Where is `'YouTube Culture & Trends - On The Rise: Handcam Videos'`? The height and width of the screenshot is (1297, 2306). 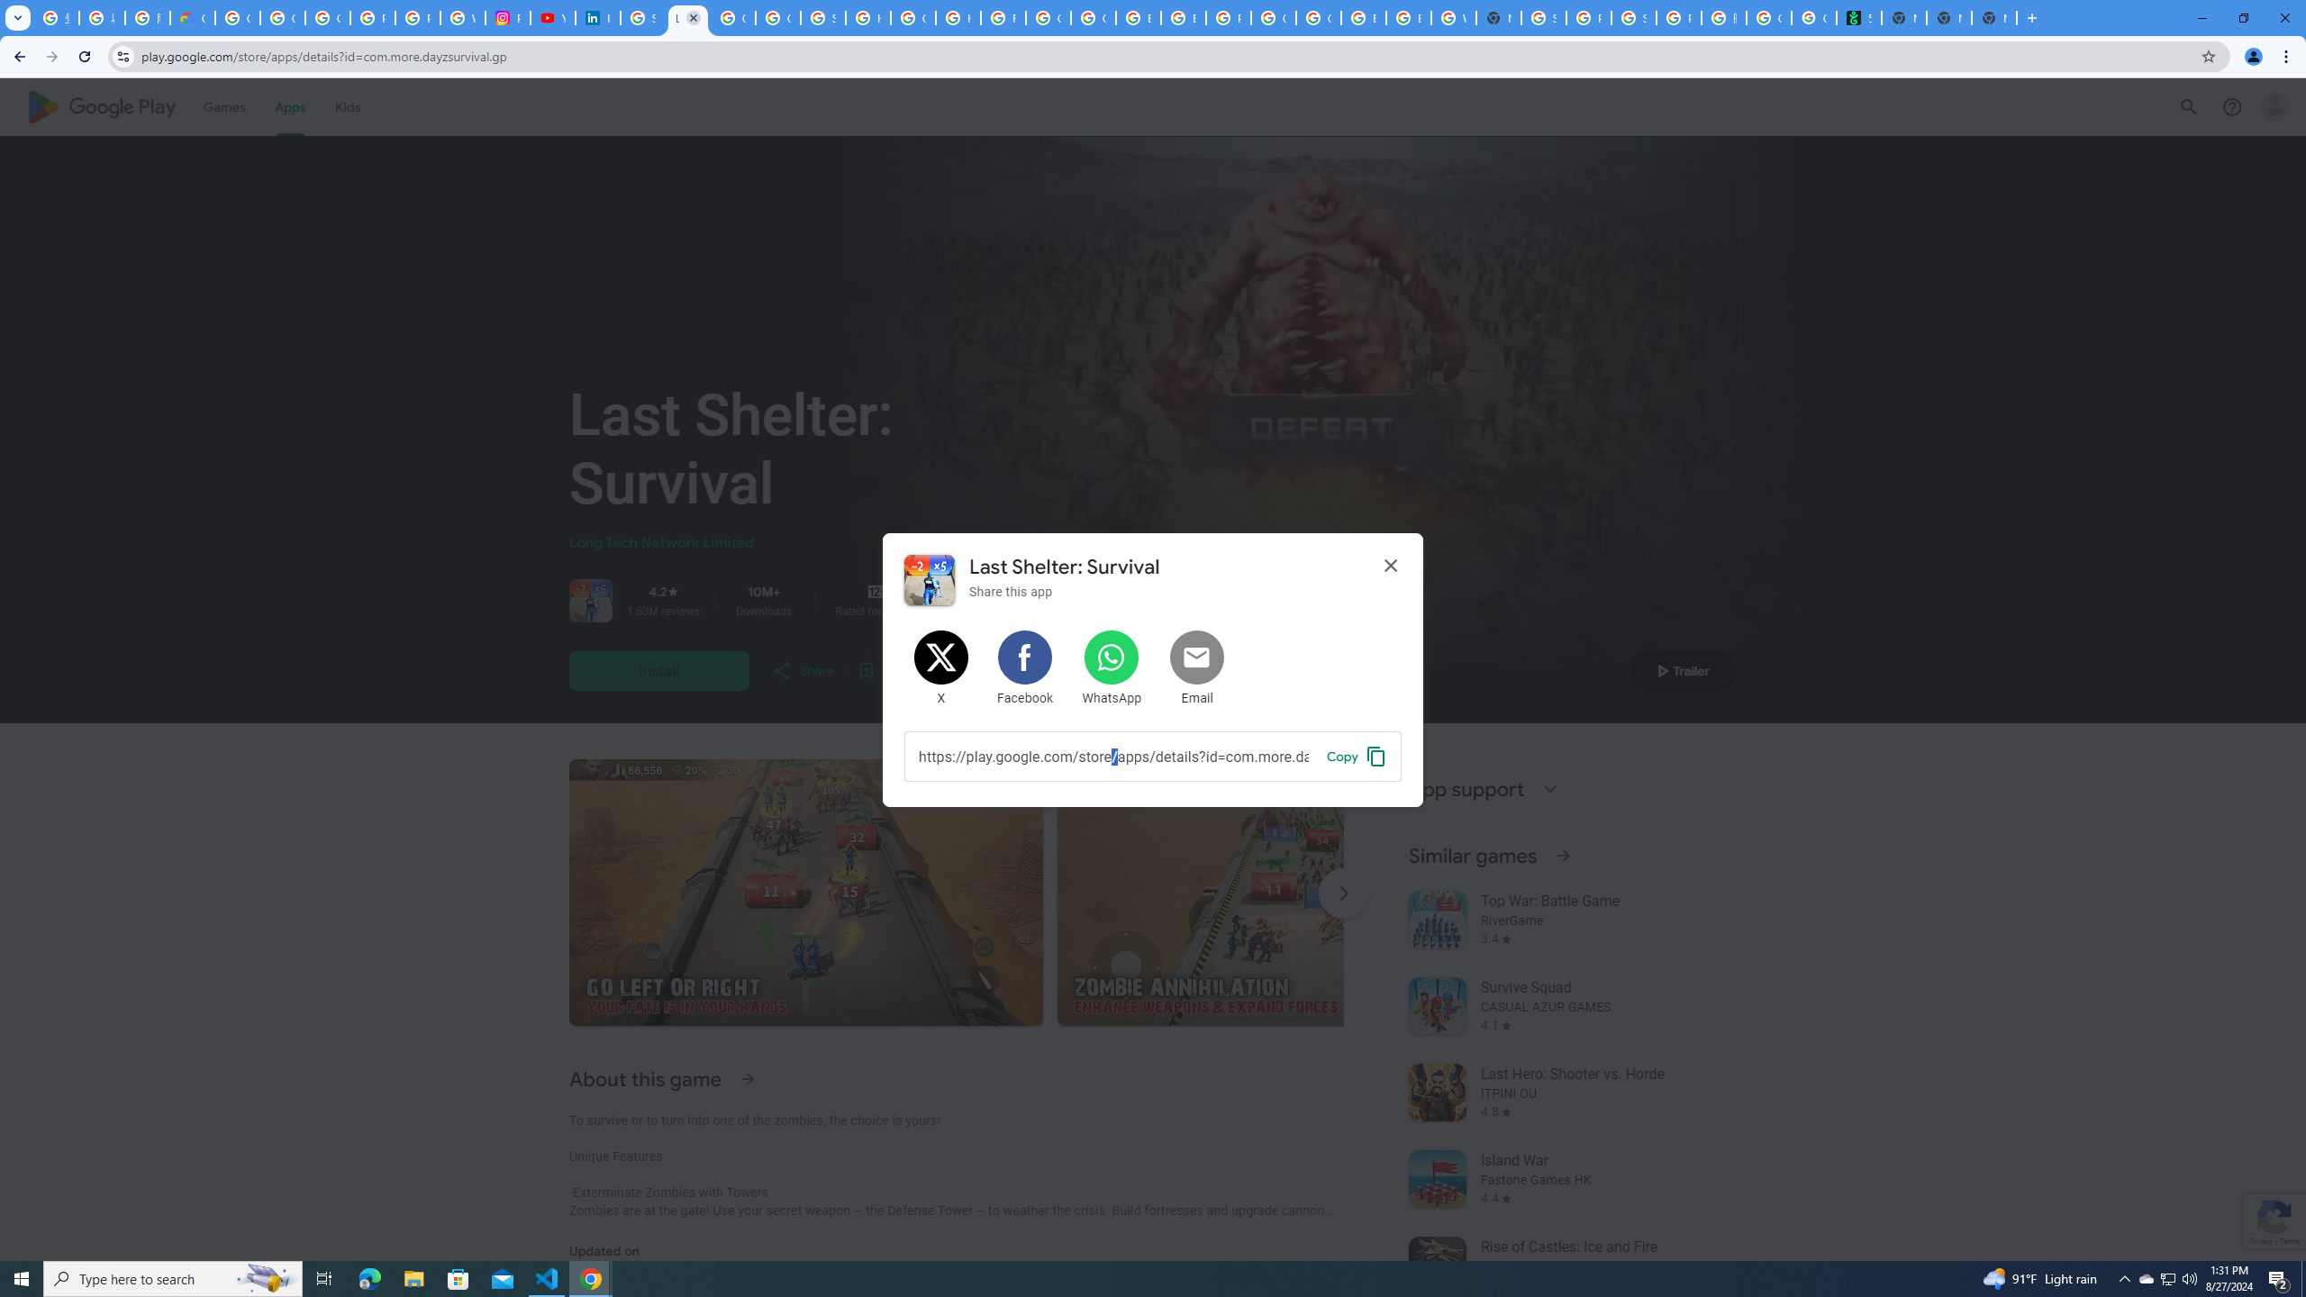
'YouTube Culture & Trends - On The Rise: Handcam Videos' is located at coordinates (552, 17).